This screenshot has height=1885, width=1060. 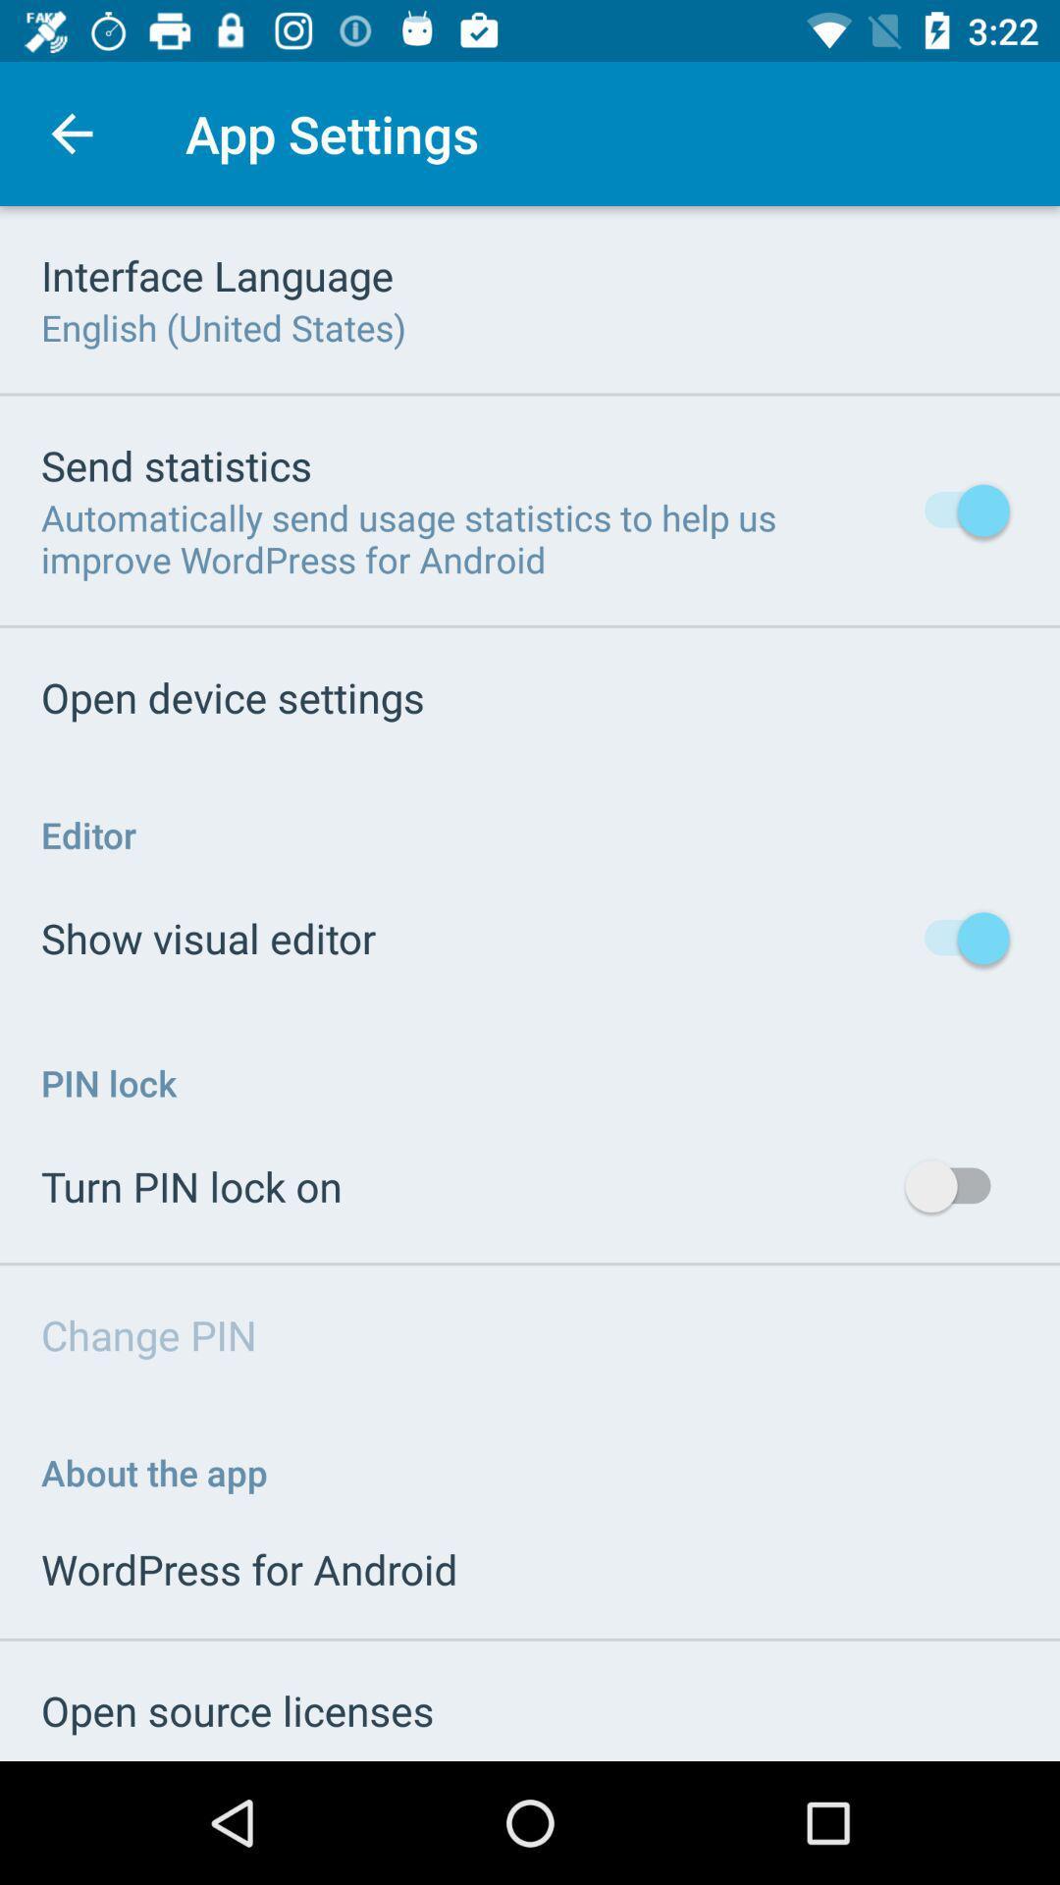 I want to click on change pin icon, so click(x=147, y=1334).